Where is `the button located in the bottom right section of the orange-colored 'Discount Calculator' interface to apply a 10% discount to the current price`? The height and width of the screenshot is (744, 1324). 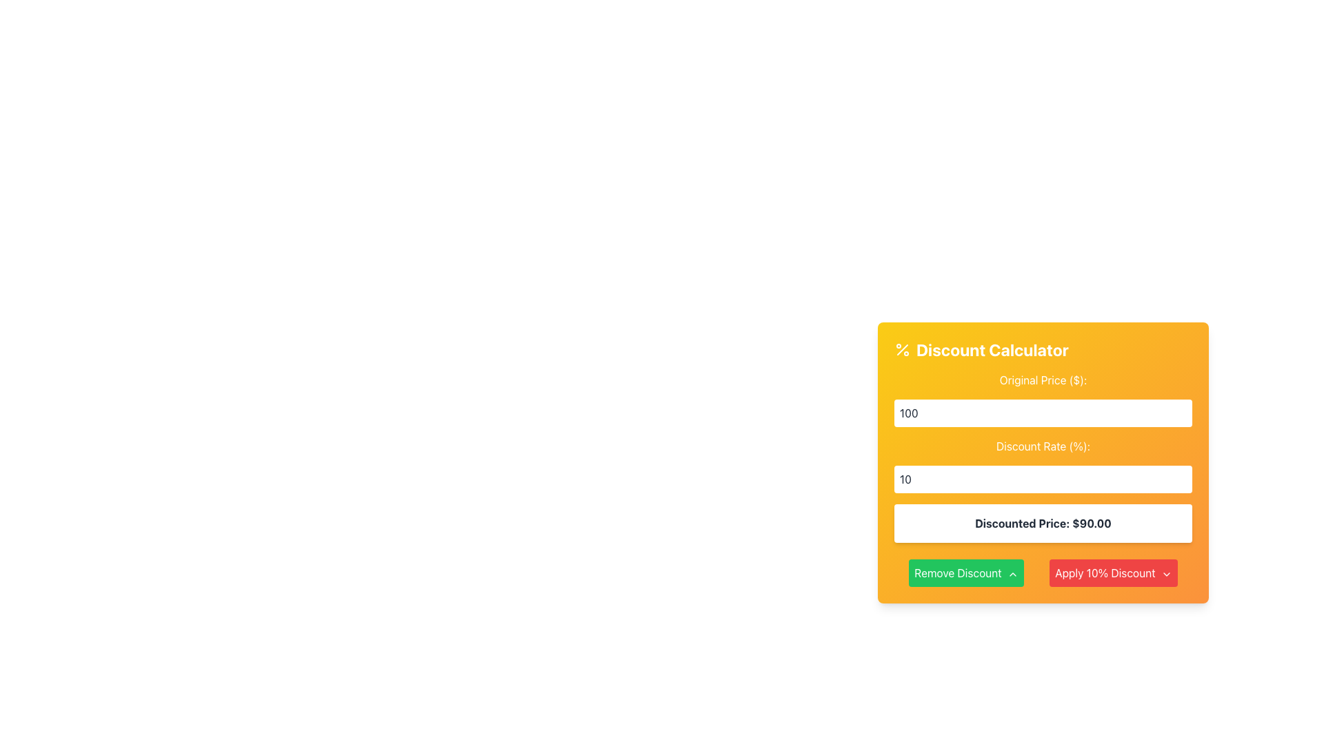 the button located in the bottom right section of the orange-colored 'Discount Calculator' interface to apply a 10% discount to the current price is located at coordinates (1113, 573).